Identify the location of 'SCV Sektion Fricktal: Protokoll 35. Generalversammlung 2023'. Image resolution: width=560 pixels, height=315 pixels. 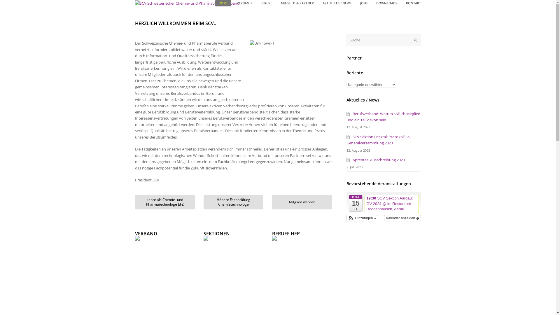
(346, 140).